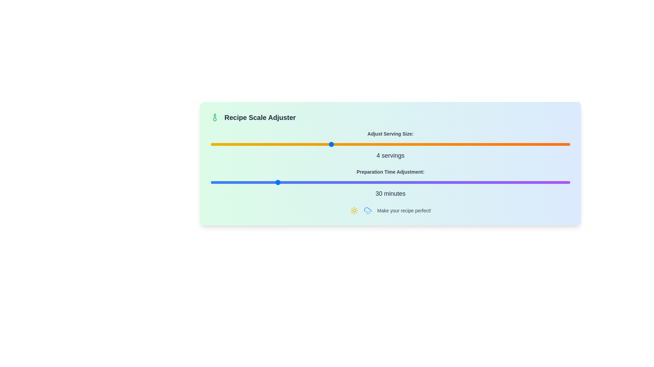 Image resolution: width=654 pixels, height=367 pixels. Describe the element at coordinates (518, 182) in the screenshot. I see `preparation time adjustment` at that location.